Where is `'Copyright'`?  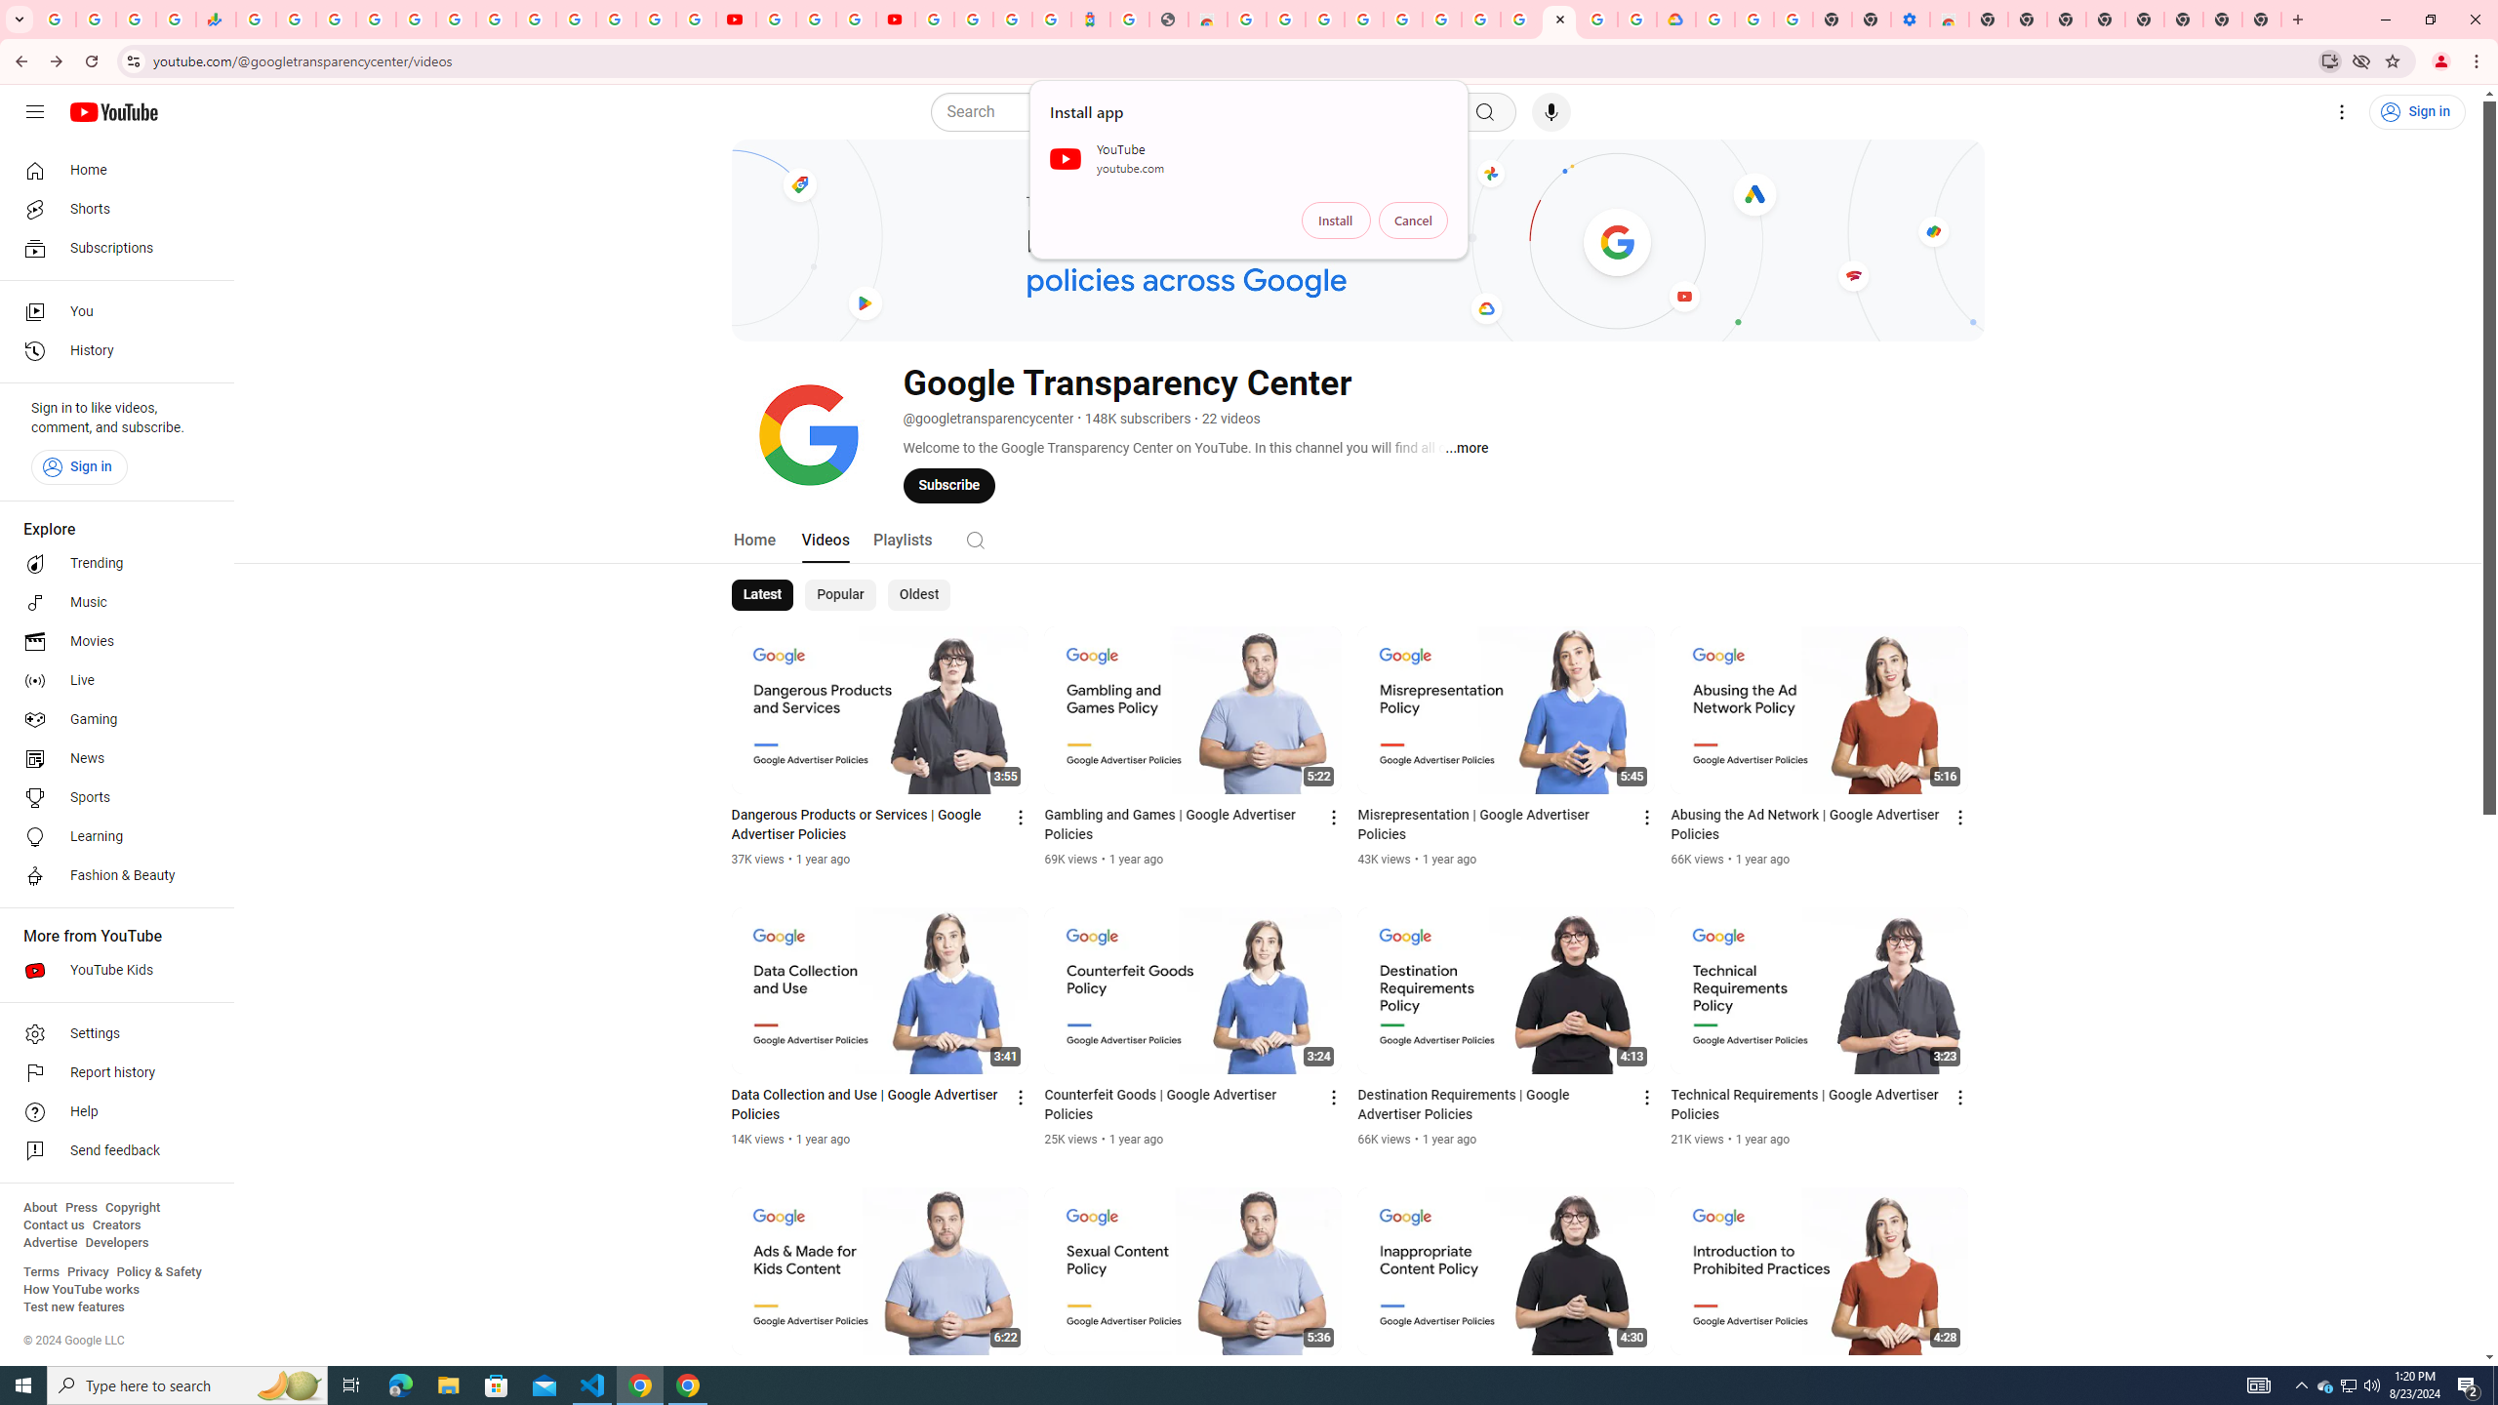 'Copyright' is located at coordinates (131, 1207).